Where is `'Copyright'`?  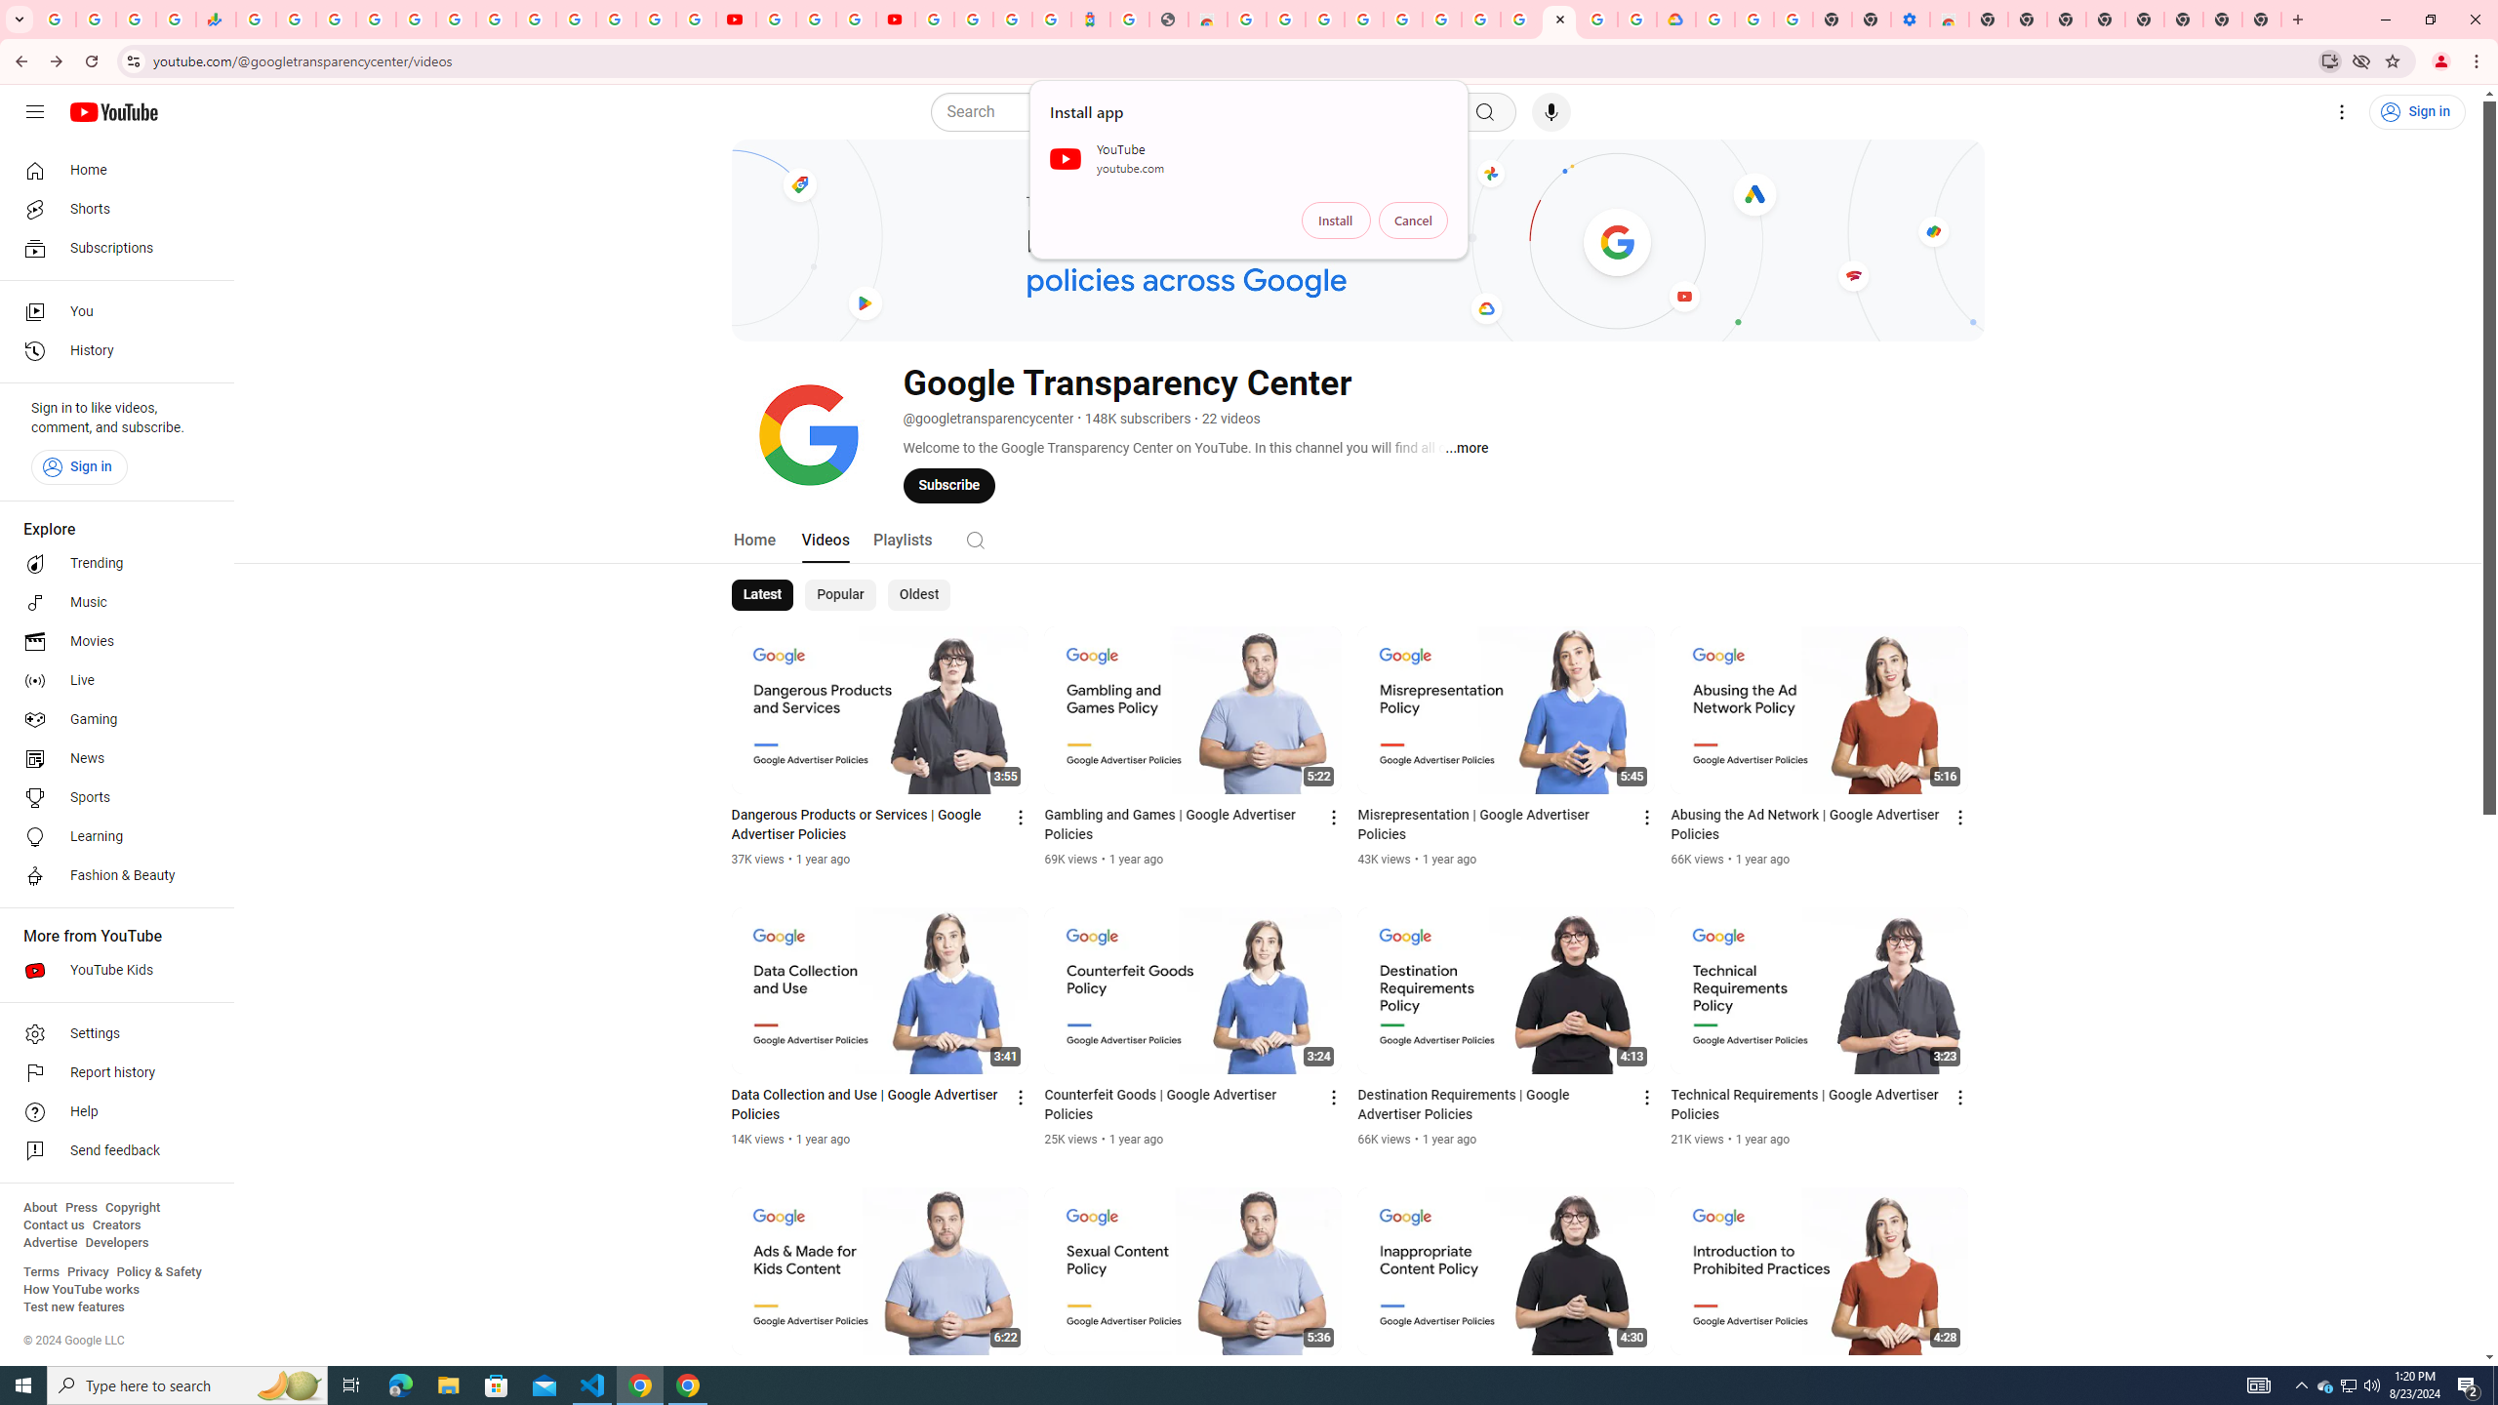 'Copyright' is located at coordinates (131, 1207).